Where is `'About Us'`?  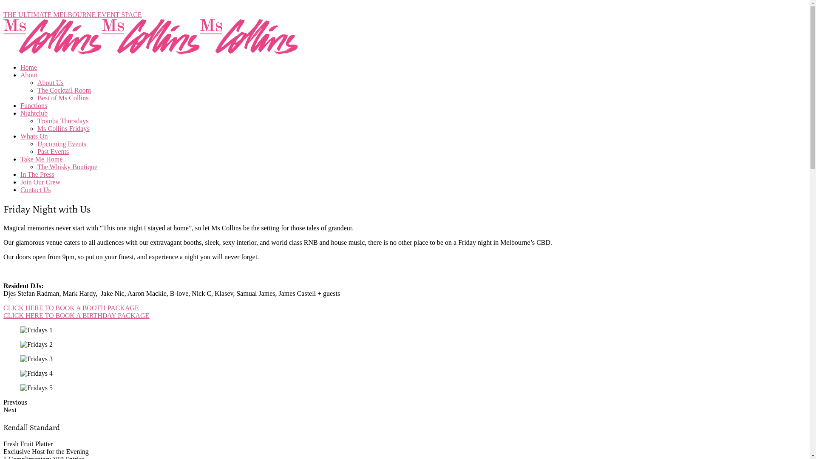 'About Us' is located at coordinates (50, 82).